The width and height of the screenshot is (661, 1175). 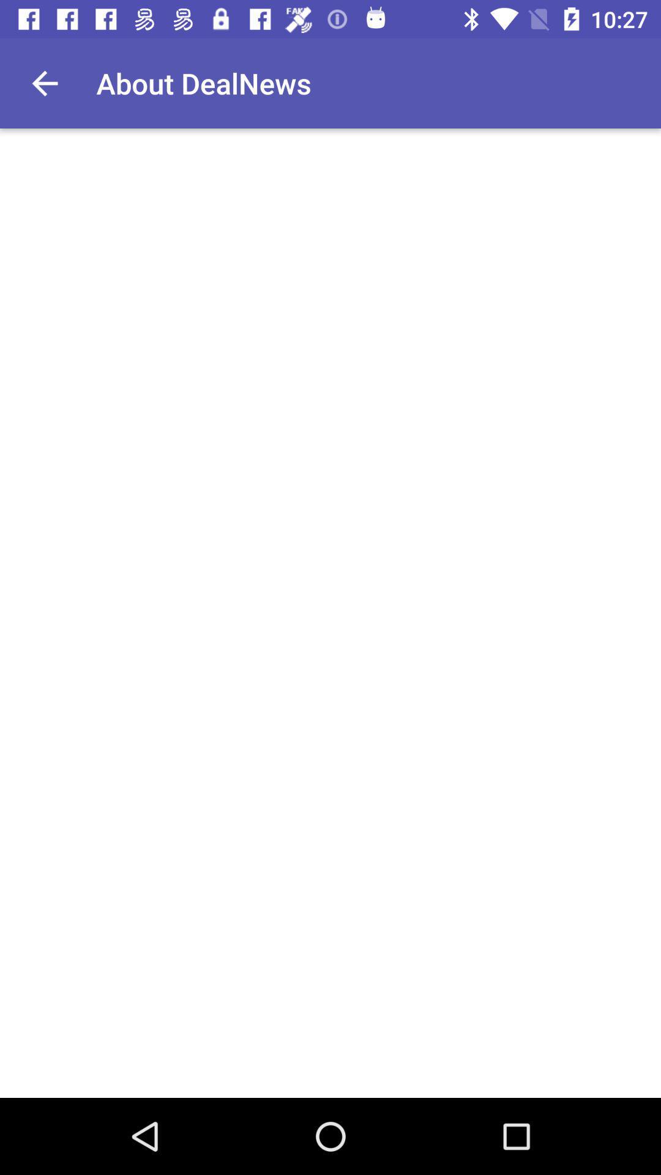 What do you see at coordinates (330, 613) in the screenshot?
I see `the item at the center` at bounding box center [330, 613].